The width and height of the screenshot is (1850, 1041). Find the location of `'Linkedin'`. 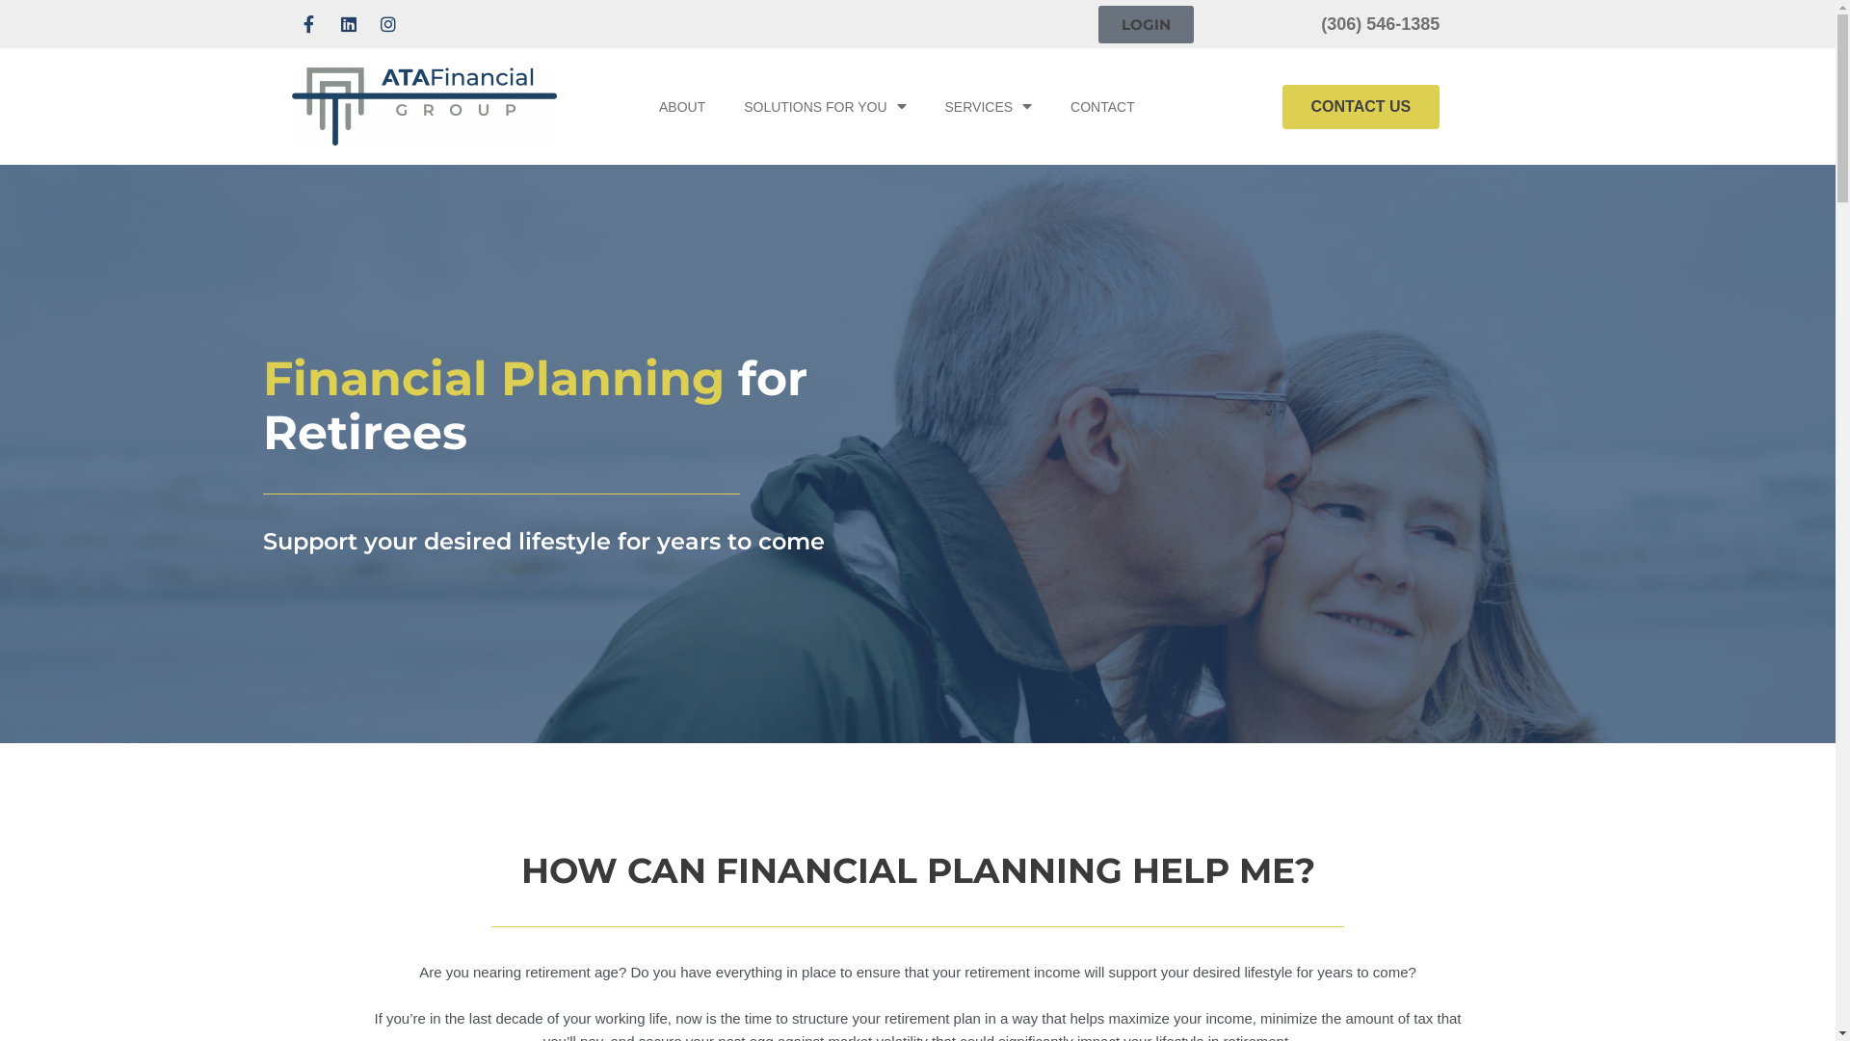

'Linkedin' is located at coordinates (348, 23).